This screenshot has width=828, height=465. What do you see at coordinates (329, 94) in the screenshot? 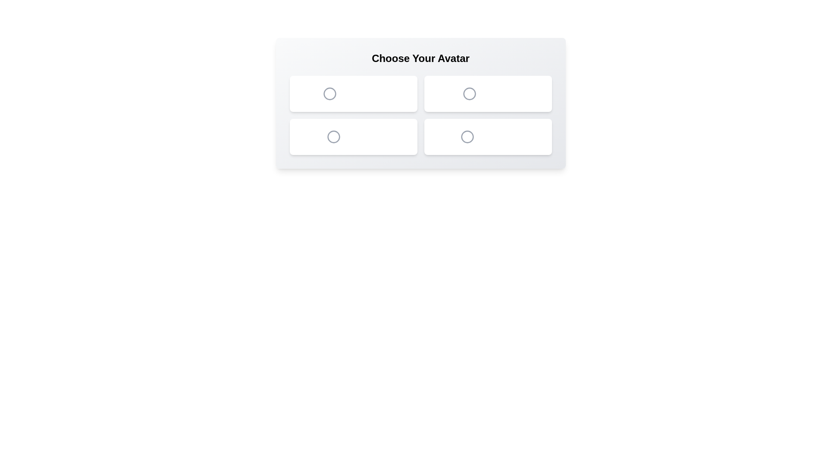
I see `the small circular element with a gray border located within the top-left avatar selection box in a 2x2 grid layout for choosing avatars` at bounding box center [329, 94].